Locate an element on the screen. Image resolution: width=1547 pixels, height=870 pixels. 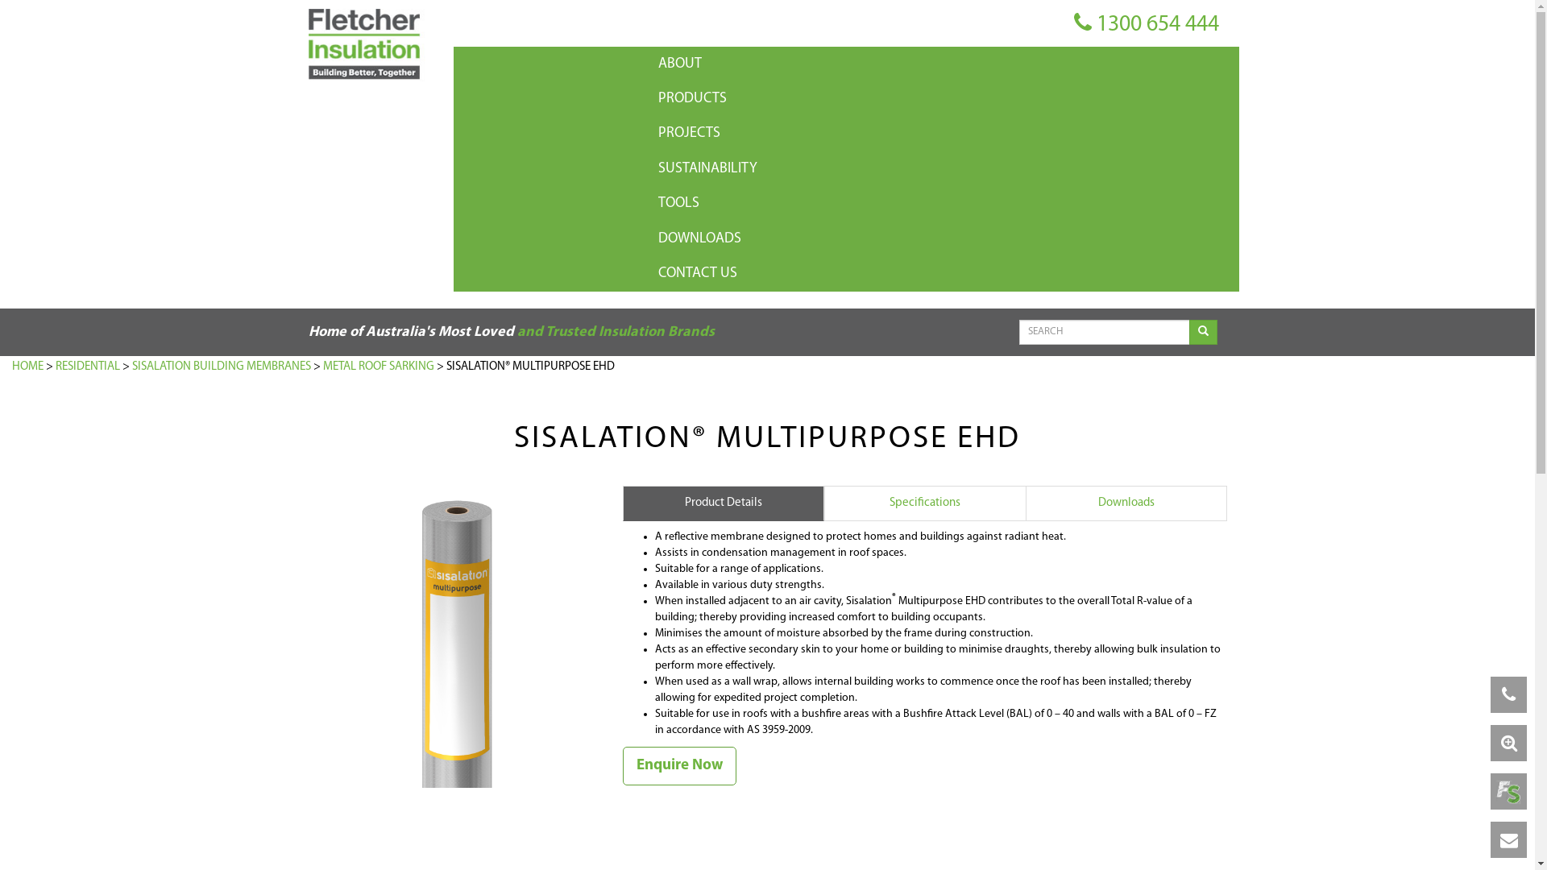
'Downloads' is located at coordinates (1124, 502).